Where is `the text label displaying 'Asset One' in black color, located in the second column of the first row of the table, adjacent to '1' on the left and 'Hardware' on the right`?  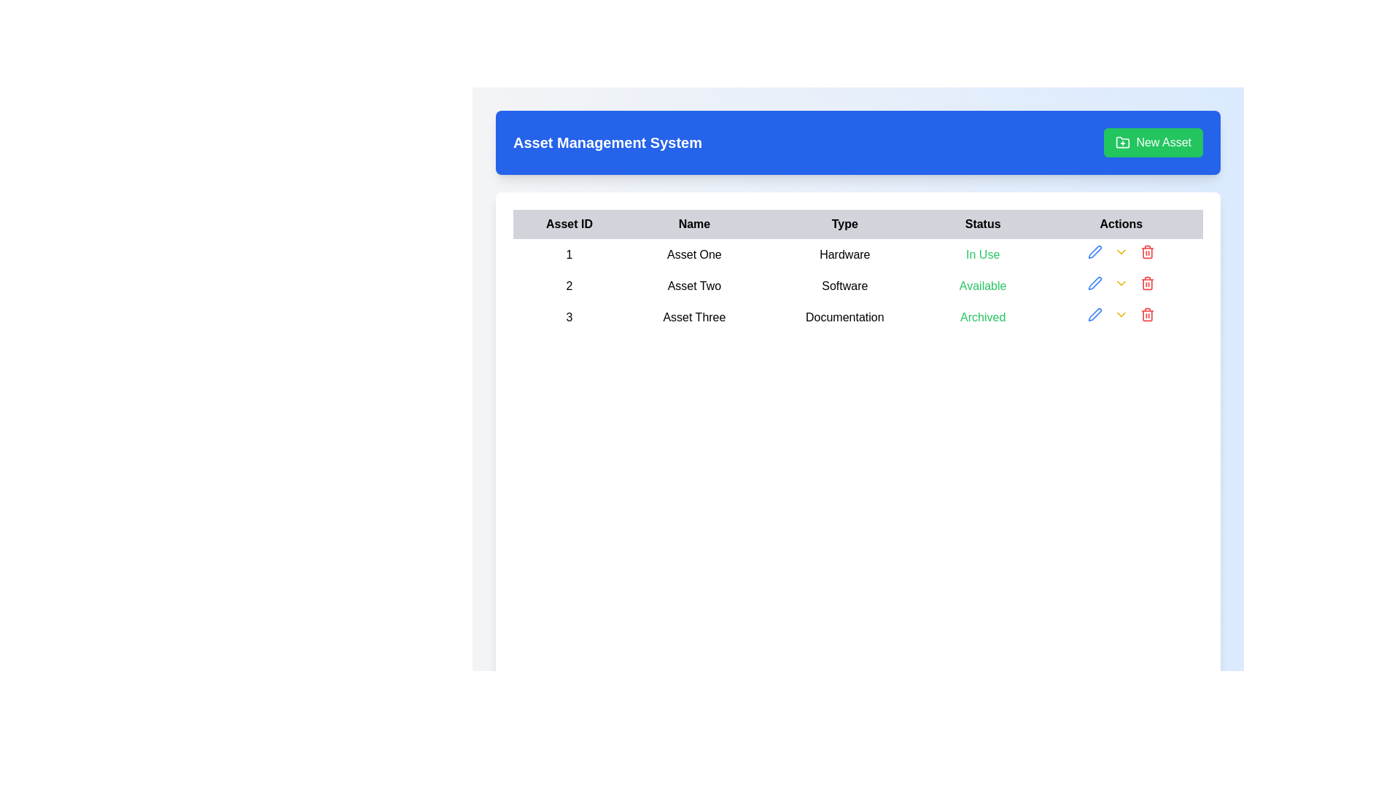
the text label displaying 'Asset One' in black color, located in the second column of the first row of the table, adjacent to '1' on the left and 'Hardware' on the right is located at coordinates (693, 254).